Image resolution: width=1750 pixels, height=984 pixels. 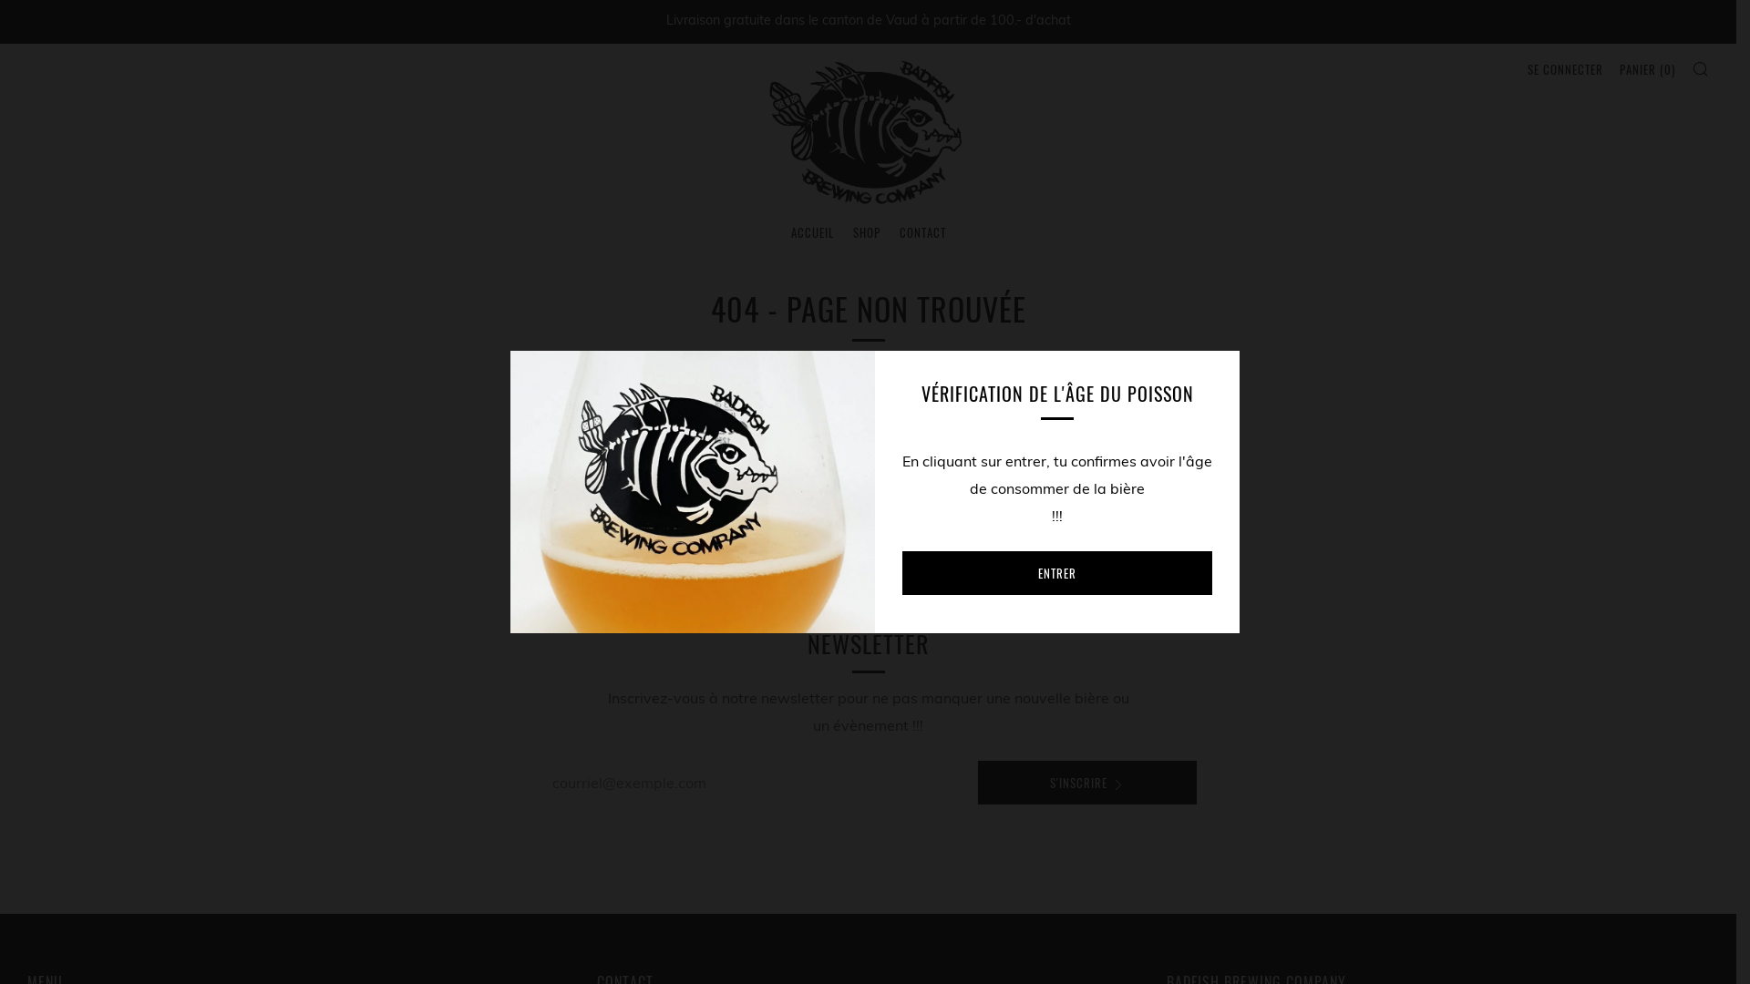 What do you see at coordinates (865, 231) in the screenshot?
I see `'SHOP'` at bounding box center [865, 231].